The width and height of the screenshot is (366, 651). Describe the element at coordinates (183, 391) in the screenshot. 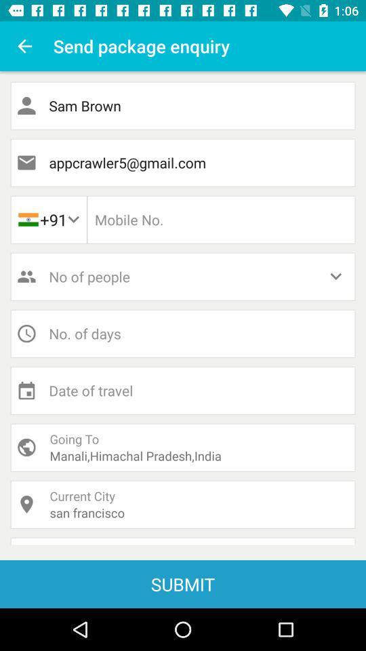

I see `the date of travel` at that location.